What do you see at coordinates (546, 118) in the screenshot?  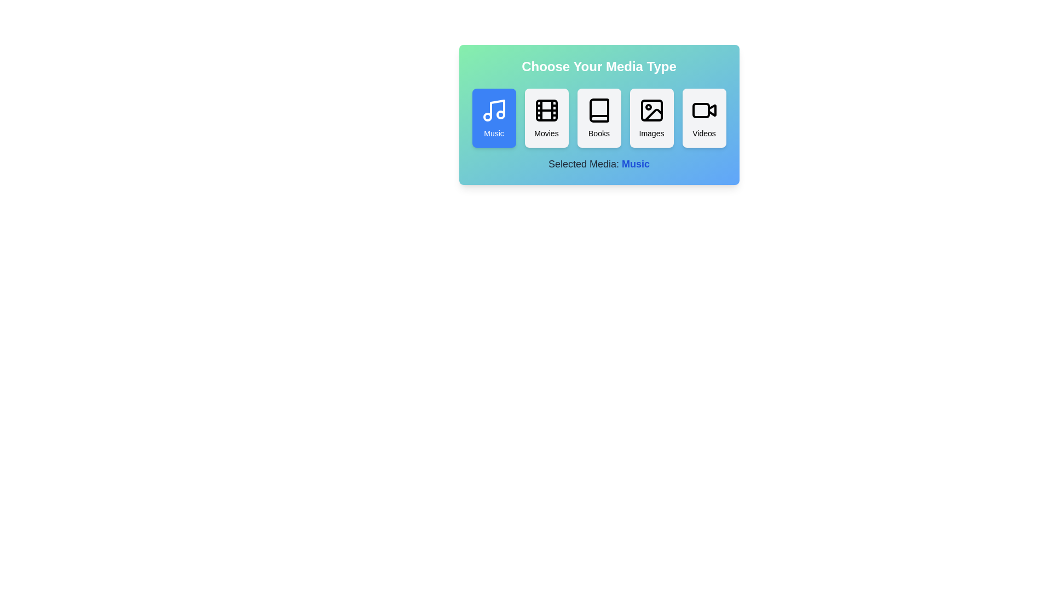 I see `the button corresponding to the media type Movies` at bounding box center [546, 118].